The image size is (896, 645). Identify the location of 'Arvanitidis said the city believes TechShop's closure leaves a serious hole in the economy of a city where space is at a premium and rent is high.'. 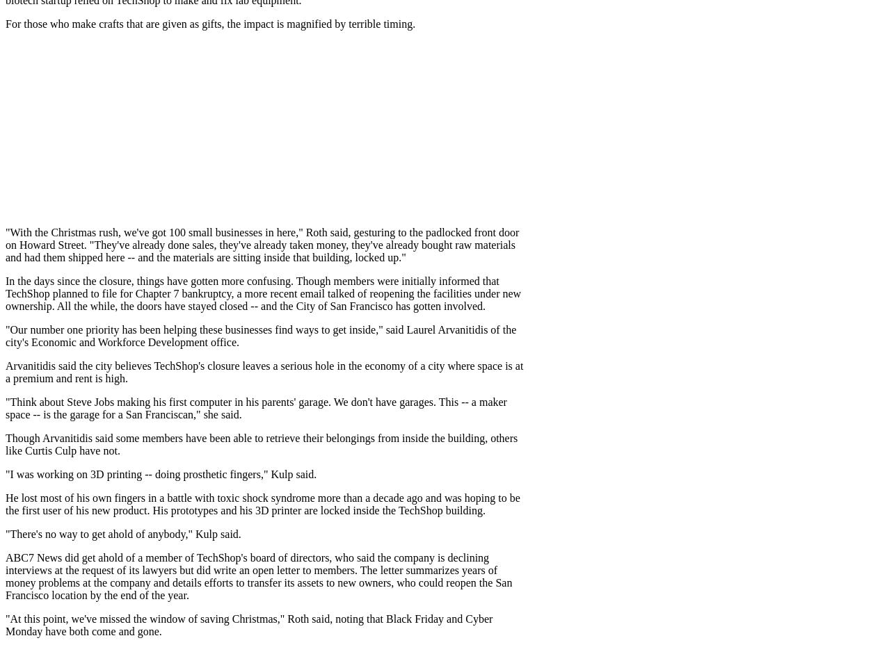
(5, 371).